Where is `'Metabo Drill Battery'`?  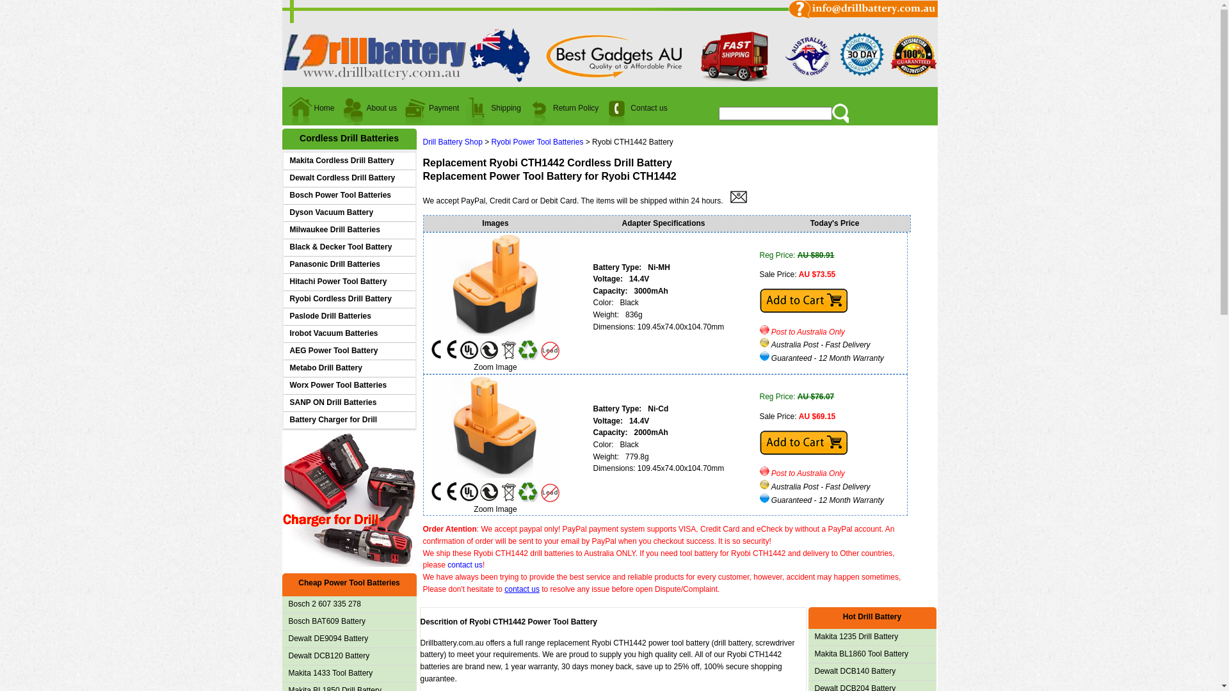 'Metabo Drill Battery' is located at coordinates (349, 368).